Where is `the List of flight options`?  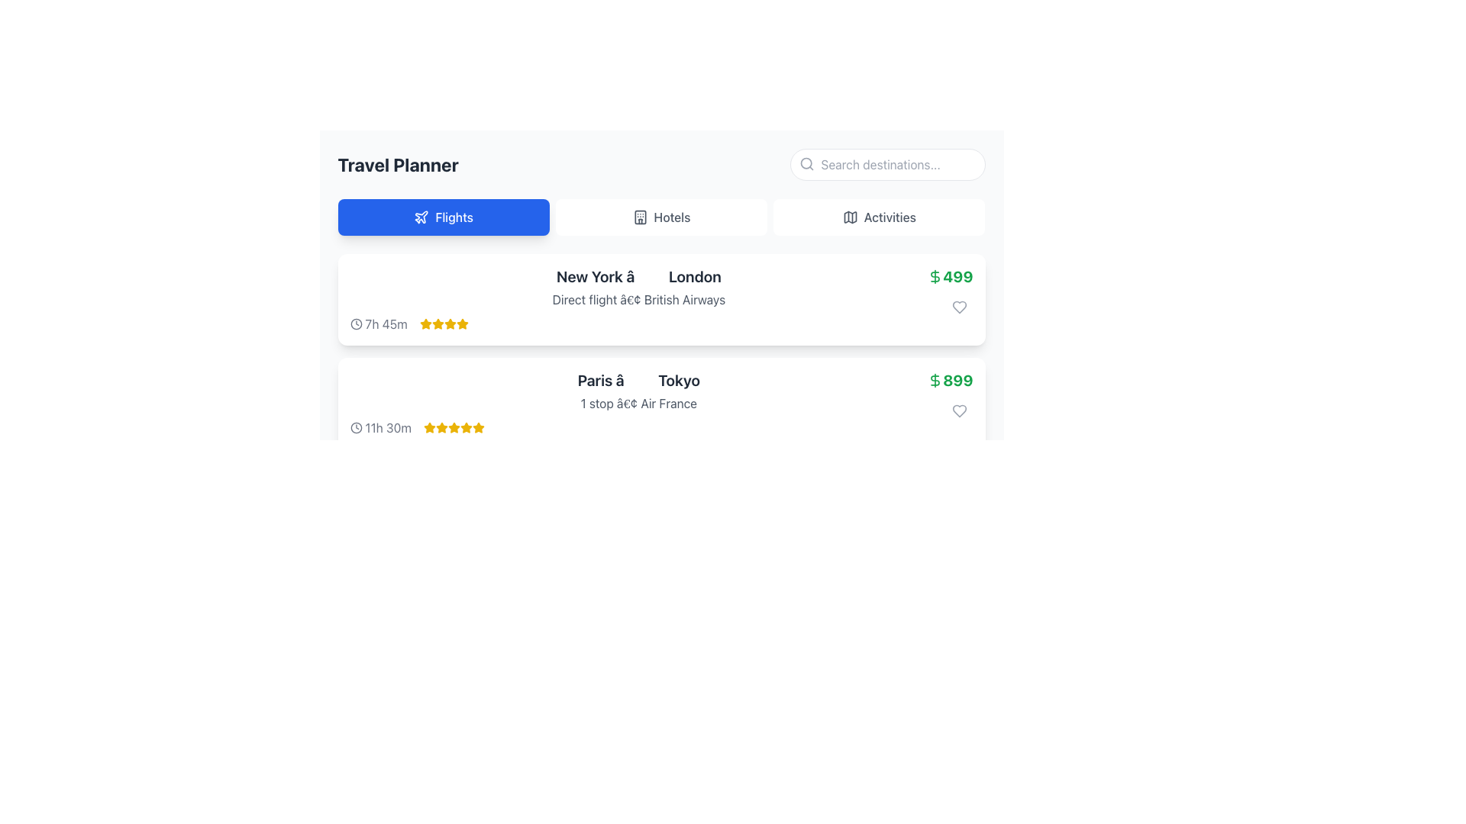 the List of flight options is located at coordinates (661, 352).